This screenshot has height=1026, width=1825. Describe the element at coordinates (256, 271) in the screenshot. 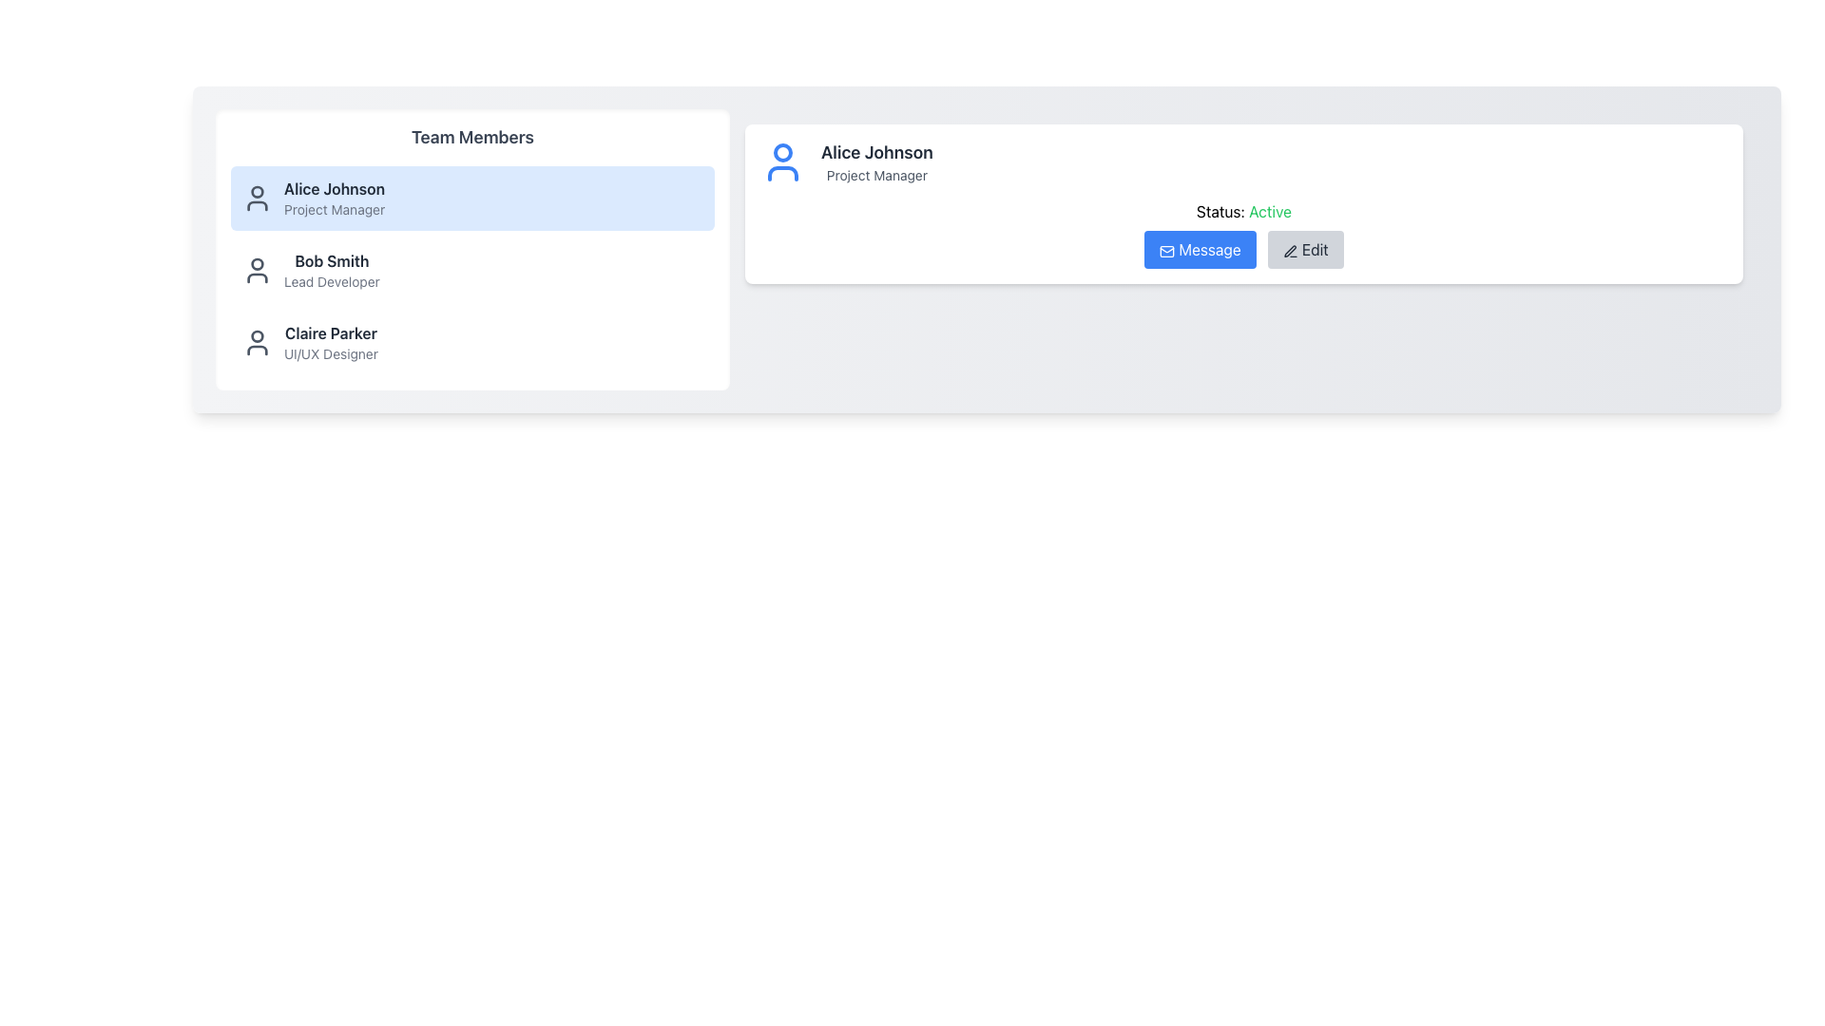

I see `the icon representing team member 'Bob Smith', which is the leftmost component in the team member section, located between 'Alice Johnson' and 'Claire Parker'` at that location.